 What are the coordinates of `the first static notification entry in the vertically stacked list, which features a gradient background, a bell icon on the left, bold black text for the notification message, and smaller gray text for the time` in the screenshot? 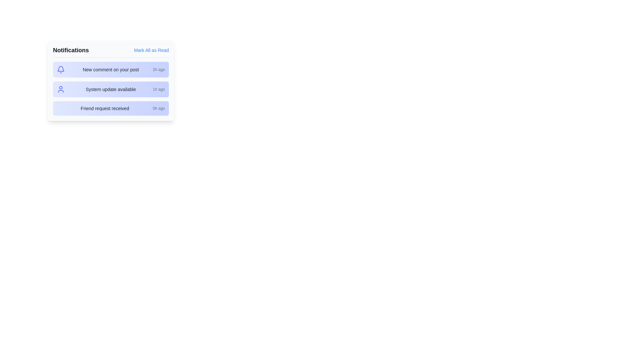 It's located at (111, 70).